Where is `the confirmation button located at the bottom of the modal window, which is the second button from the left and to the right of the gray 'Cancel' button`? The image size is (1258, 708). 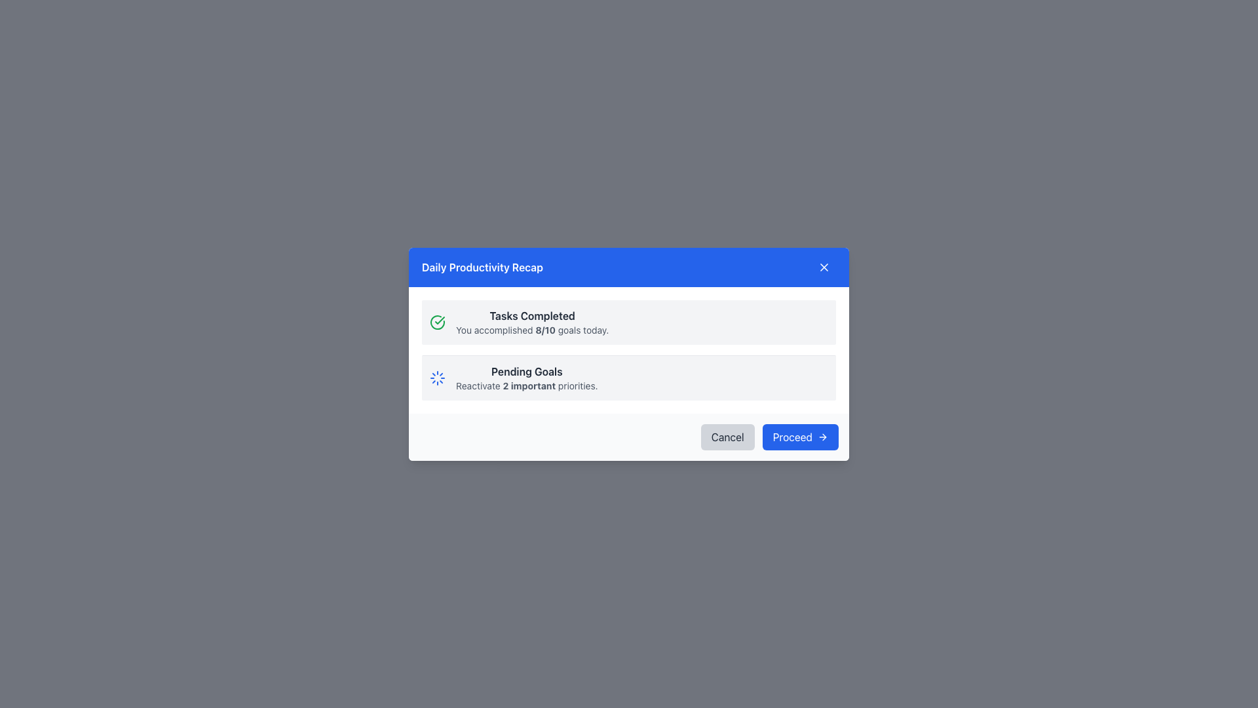 the confirmation button located at the bottom of the modal window, which is the second button from the left and to the right of the gray 'Cancel' button is located at coordinates (799, 437).